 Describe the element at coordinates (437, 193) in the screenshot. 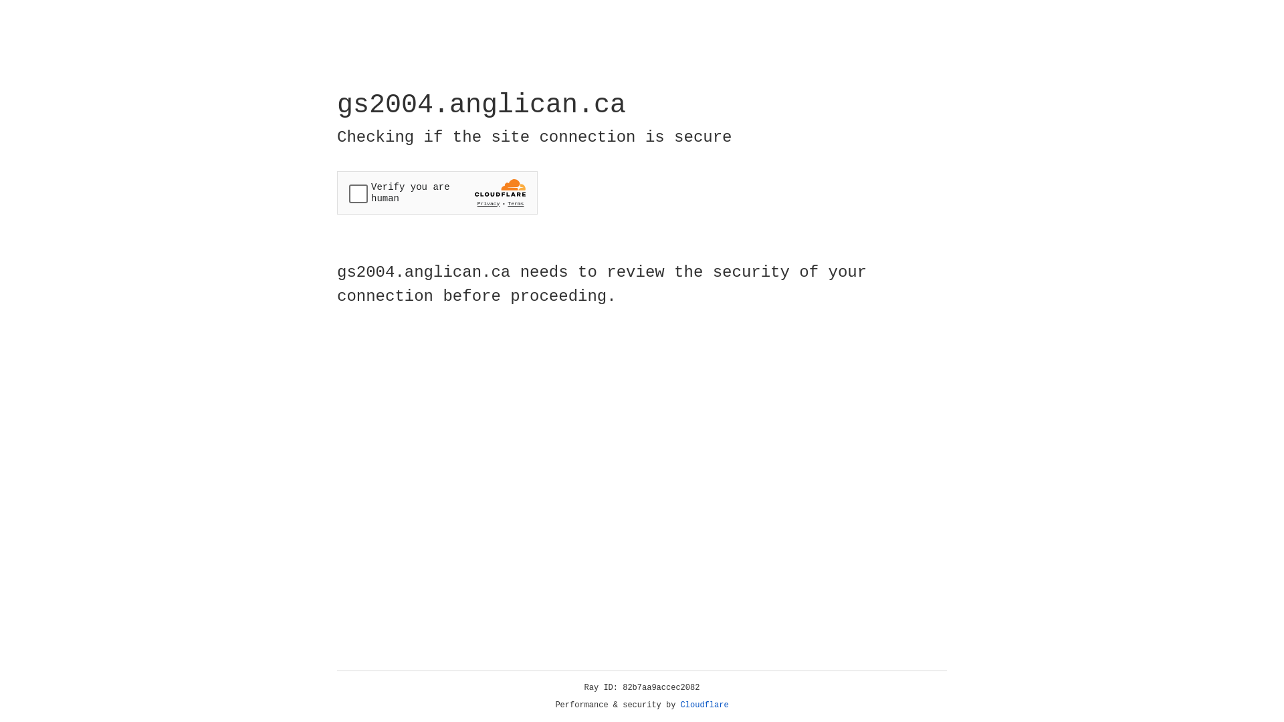

I see `'Widget containing a Cloudflare security challenge'` at that location.